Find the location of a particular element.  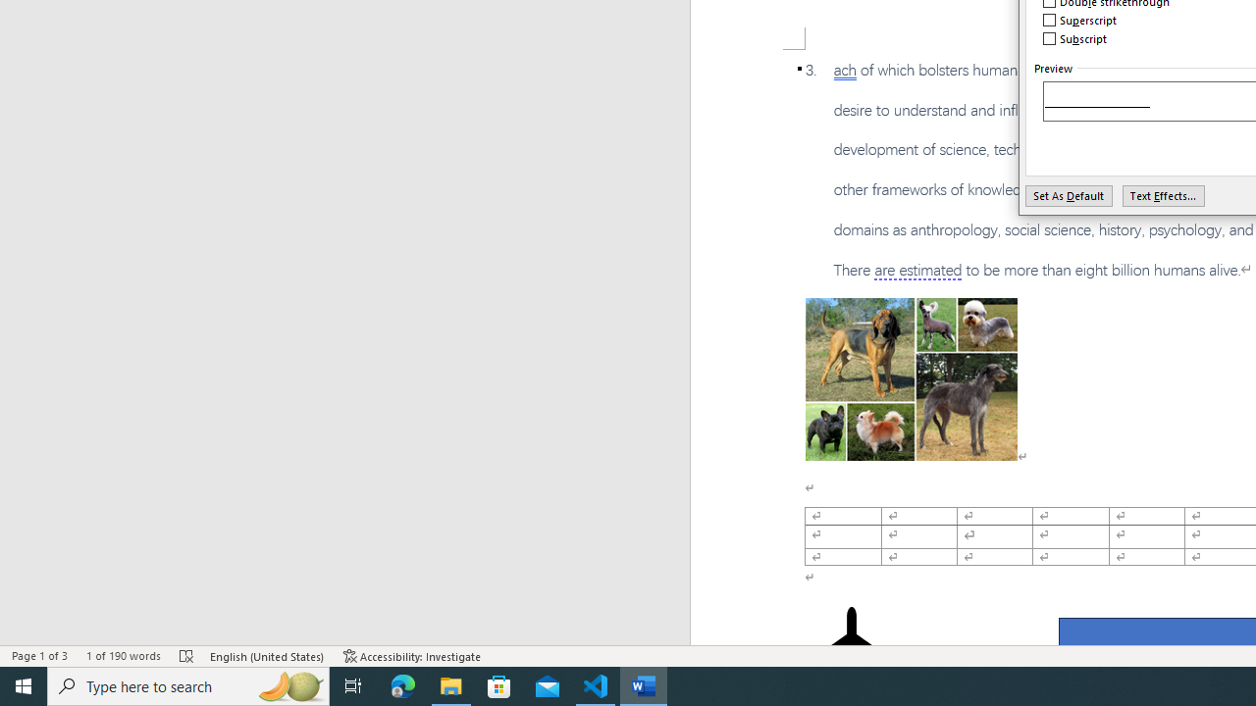

'Superscript' is located at coordinates (1079, 20).